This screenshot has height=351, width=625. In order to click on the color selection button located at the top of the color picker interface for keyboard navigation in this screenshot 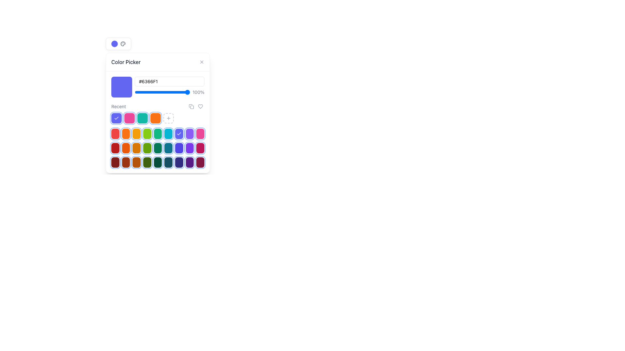, I will do `click(118, 44)`.